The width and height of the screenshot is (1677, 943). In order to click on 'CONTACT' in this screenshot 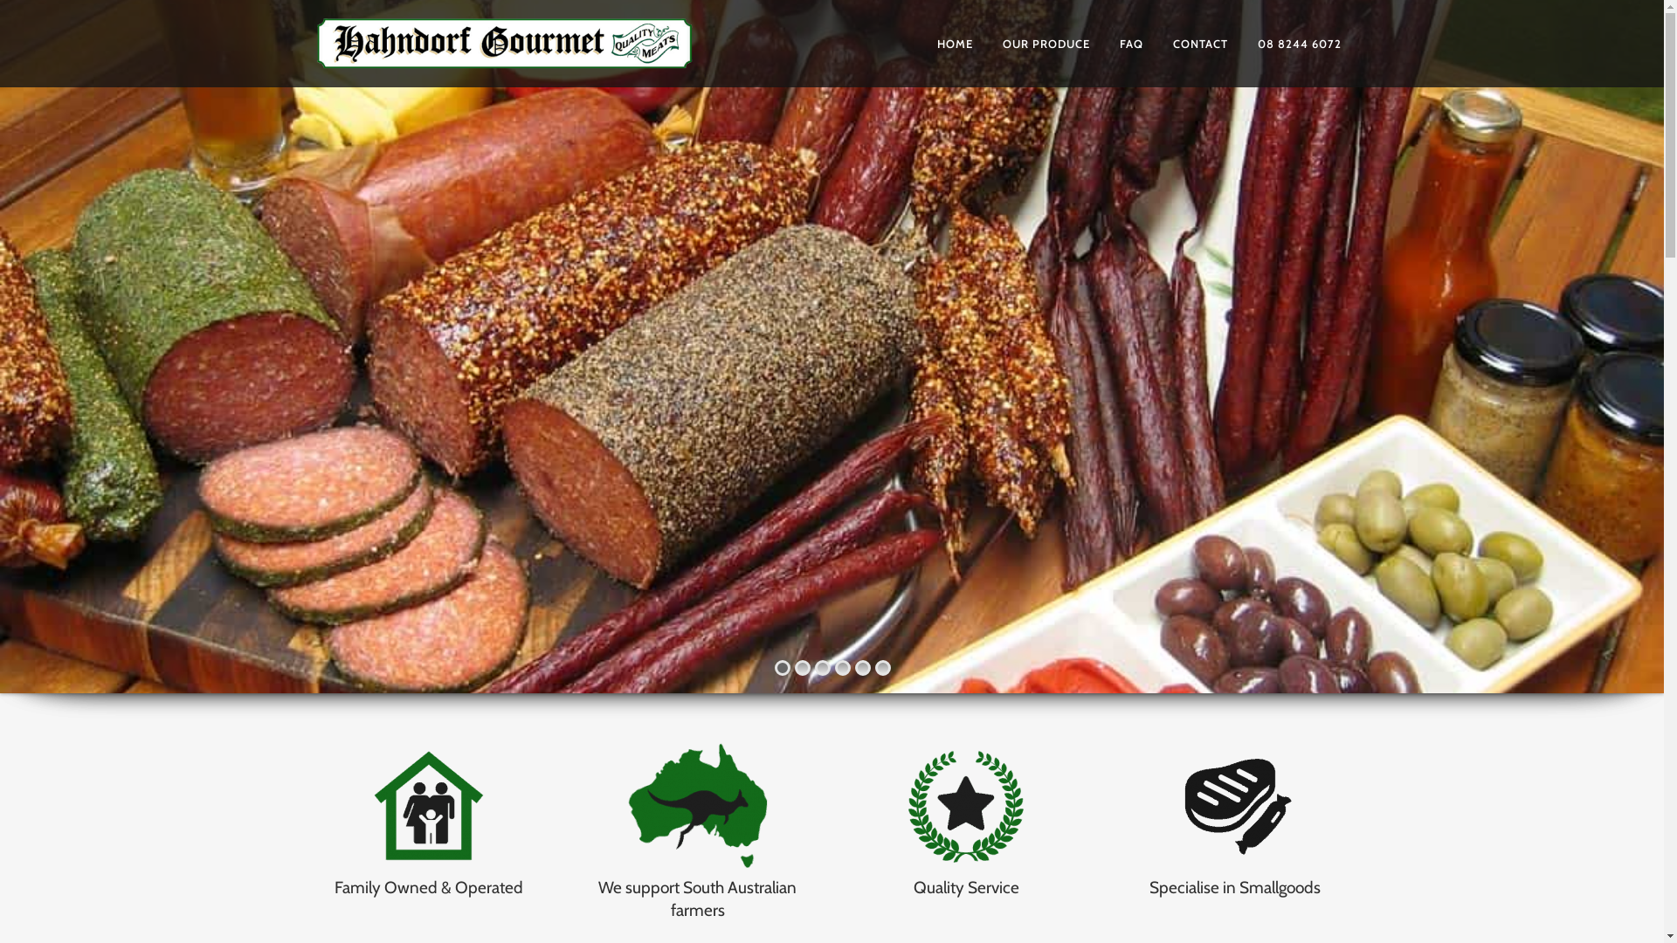, I will do `click(1199, 43)`.